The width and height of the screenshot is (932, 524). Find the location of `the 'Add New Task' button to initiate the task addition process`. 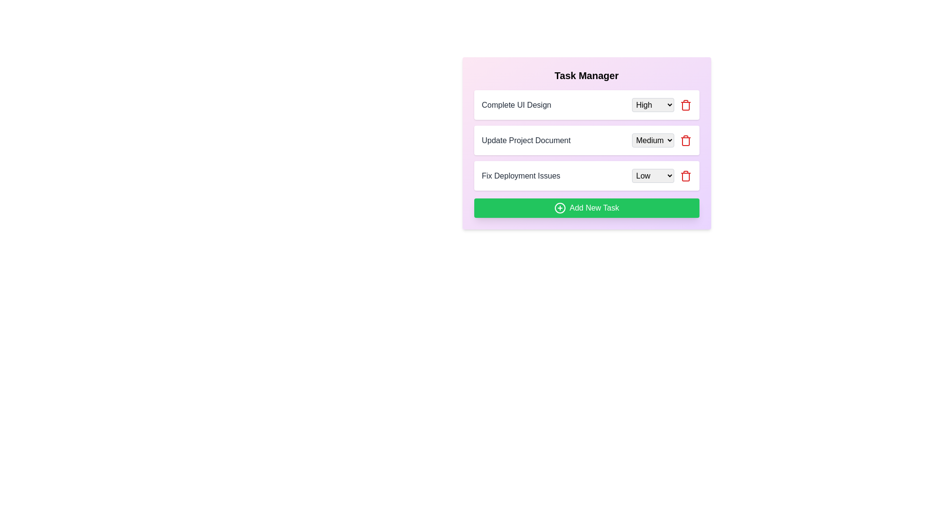

the 'Add New Task' button to initiate the task addition process is located at coordinates (586, 207).